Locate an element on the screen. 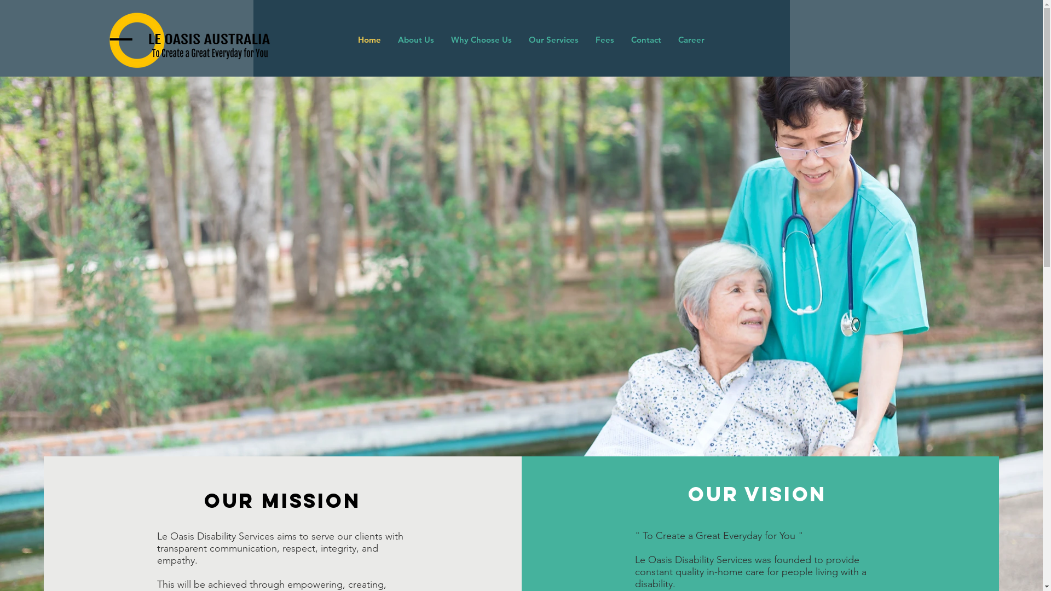 This screenshot has height=591, width=1051. 'Fees' is located at coordinates (604, 39).